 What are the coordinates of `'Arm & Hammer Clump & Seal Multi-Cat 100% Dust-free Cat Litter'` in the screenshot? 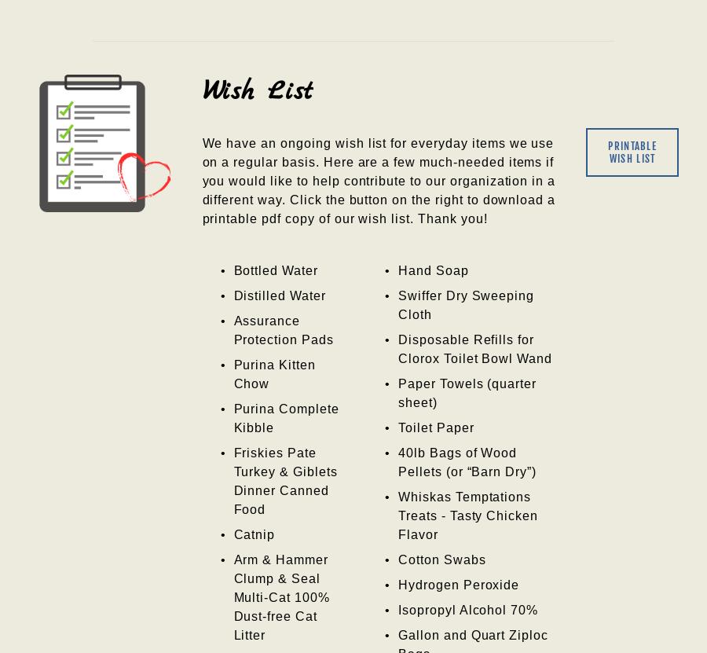 It's located at (283, 597).